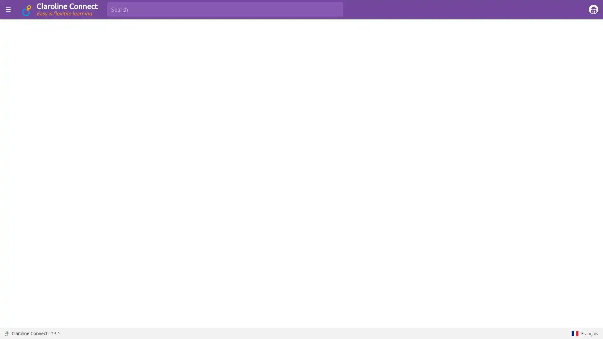  I want to click on Show more actions, so click(590, 111).